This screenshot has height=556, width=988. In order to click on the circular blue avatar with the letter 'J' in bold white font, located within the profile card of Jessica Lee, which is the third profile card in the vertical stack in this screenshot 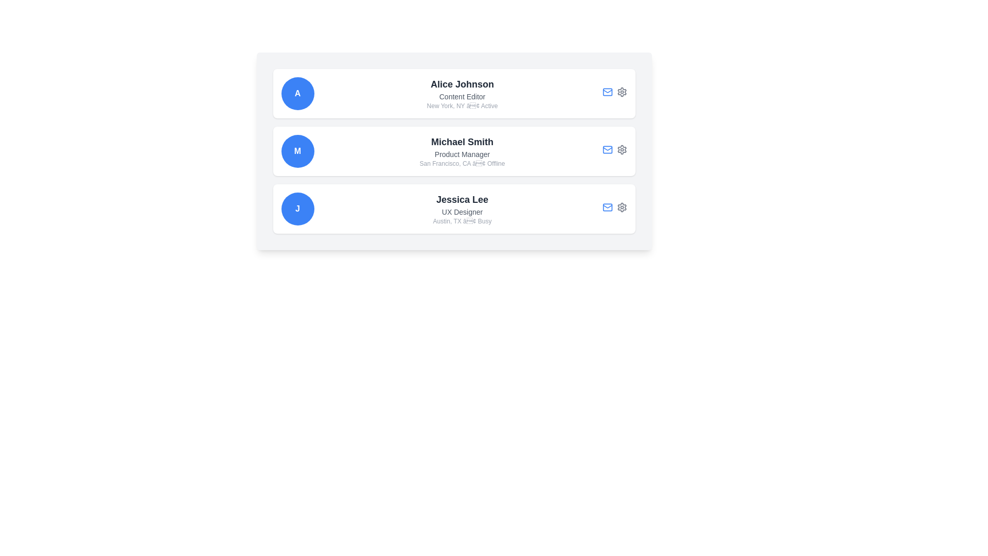, I will do `click(297, 208)`.